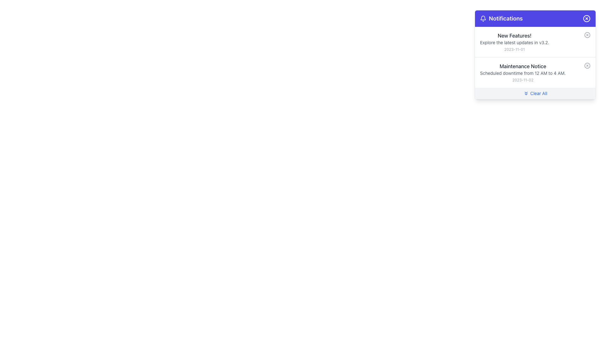 Image resolution: width=606 pixels, height=341 pixels. I want to click on the non-interactive text label with icon that serves as the title of the notifications panel, located at the top left of the notification popup, so click(501, 18).